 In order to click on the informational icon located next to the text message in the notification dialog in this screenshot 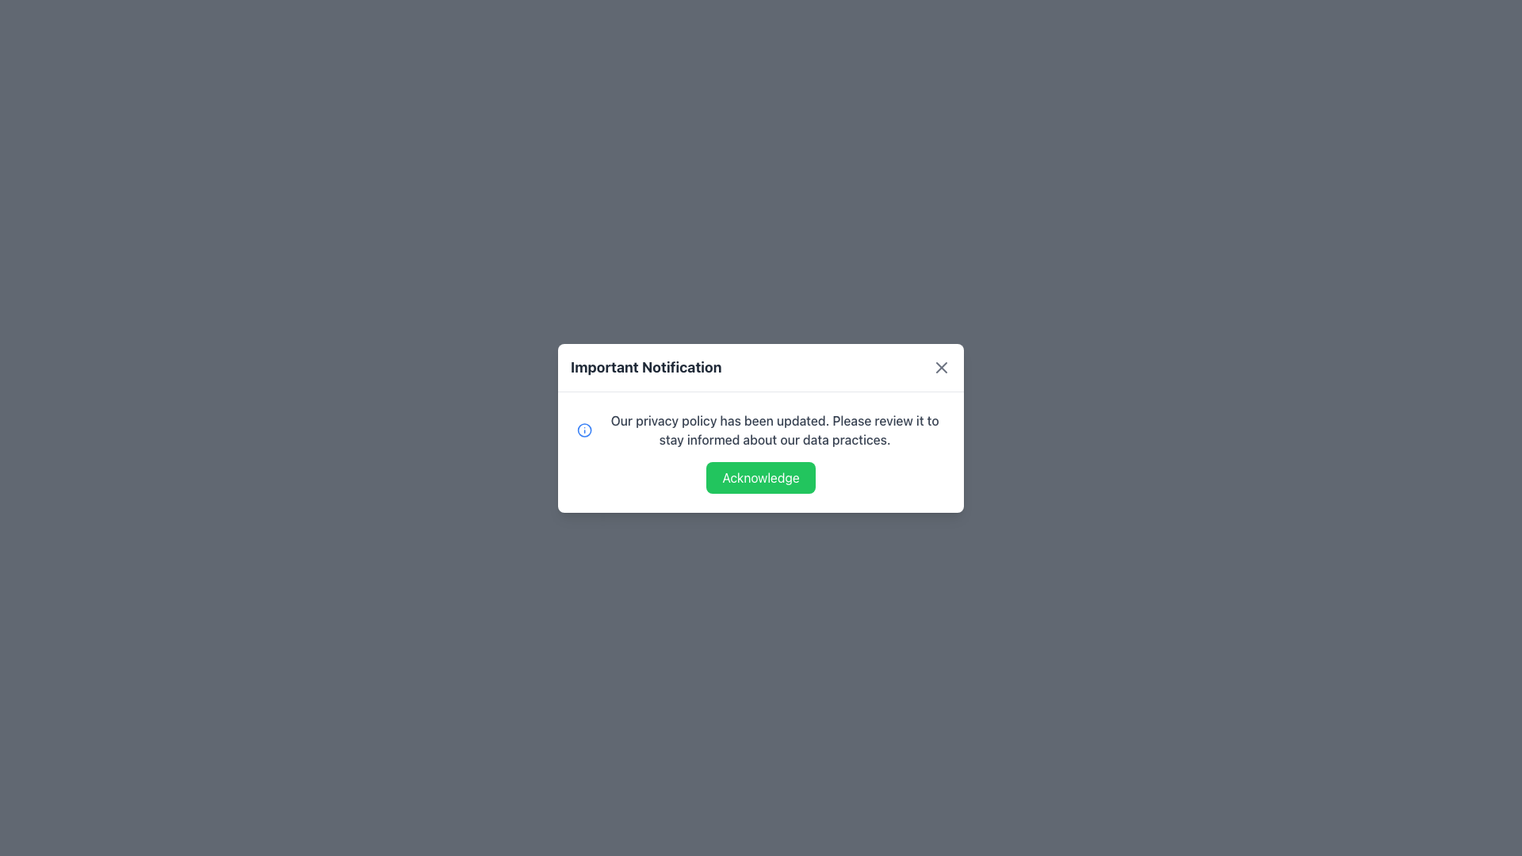, I will do `click(583, 430)`.